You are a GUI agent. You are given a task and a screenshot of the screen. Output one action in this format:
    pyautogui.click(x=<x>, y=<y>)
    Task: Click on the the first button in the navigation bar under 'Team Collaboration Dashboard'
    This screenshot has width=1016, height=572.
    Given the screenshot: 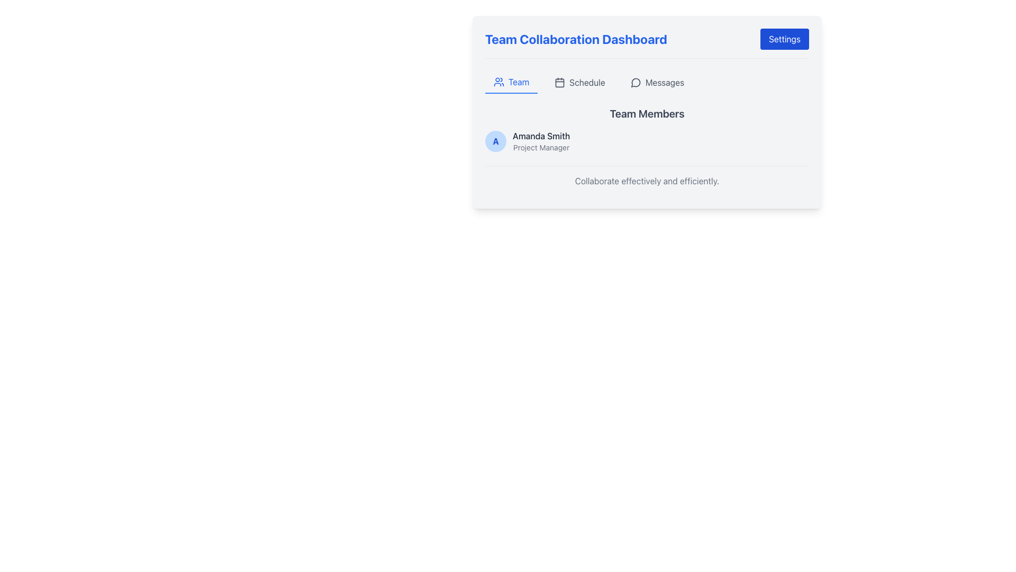 What is the action you would take?
    pyautogui.click(x=511, y=82)
    